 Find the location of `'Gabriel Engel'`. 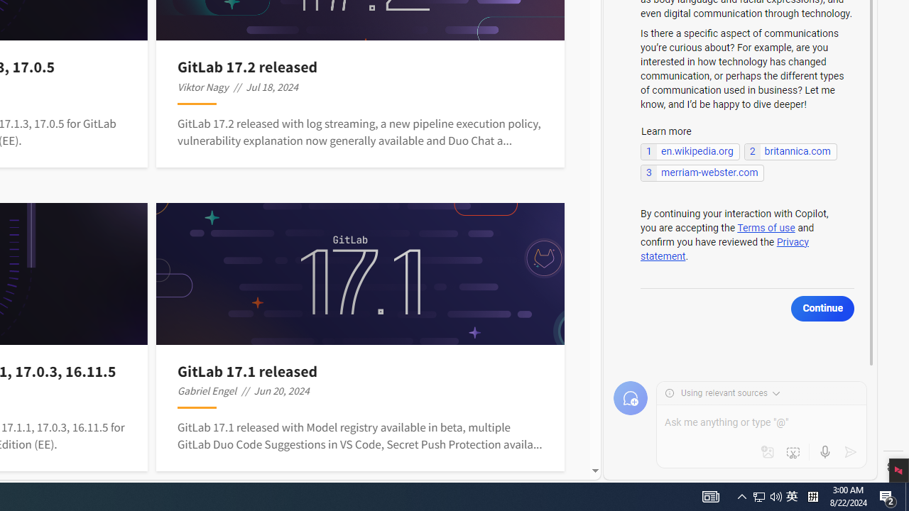

'Gabriel Engel' is located at coordinates (206, 390).